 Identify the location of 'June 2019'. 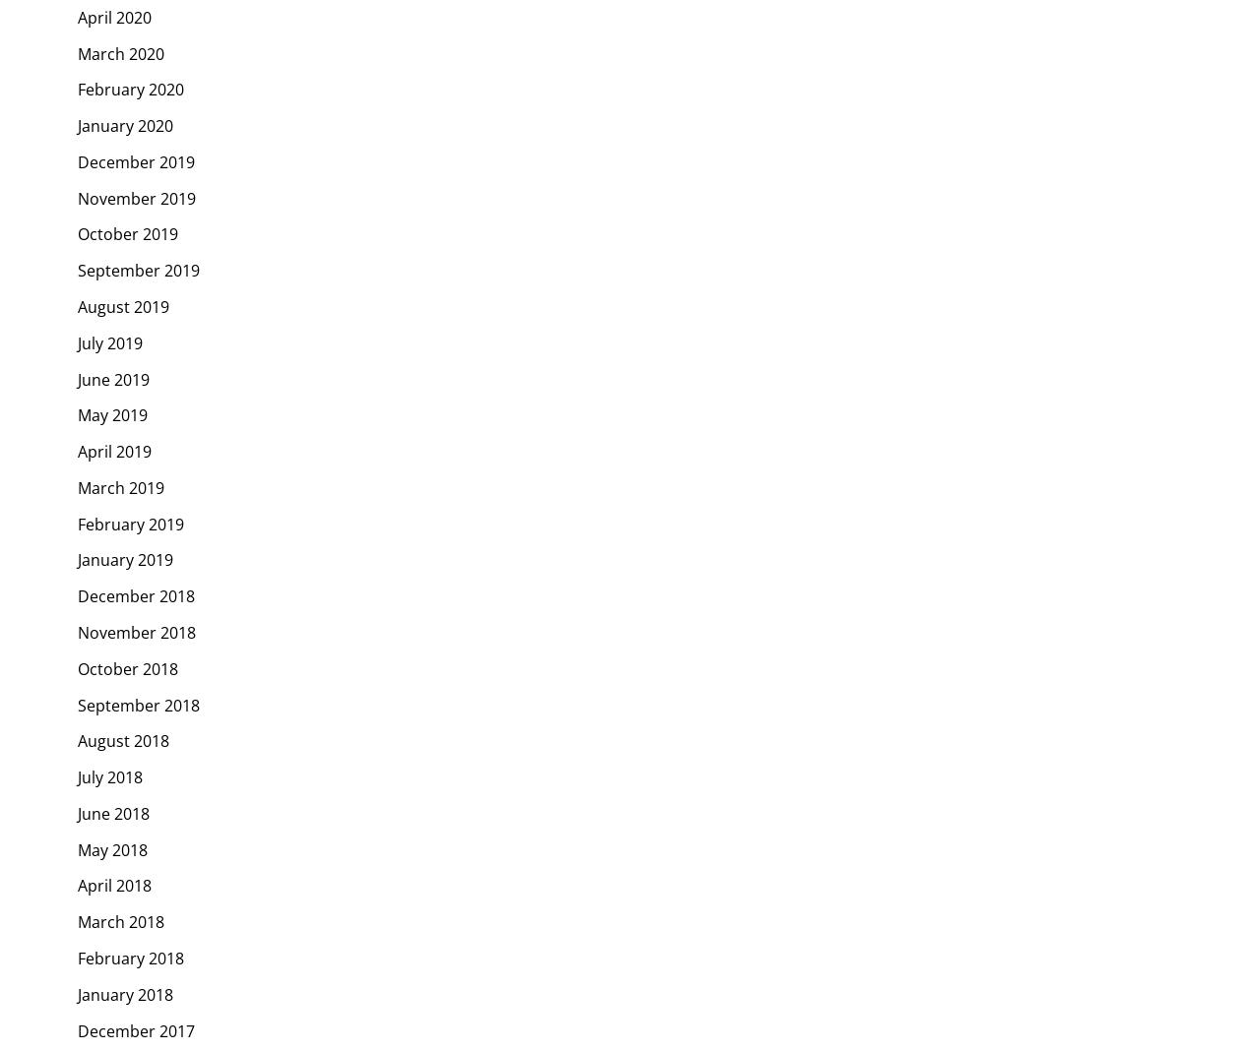
(112, 378).